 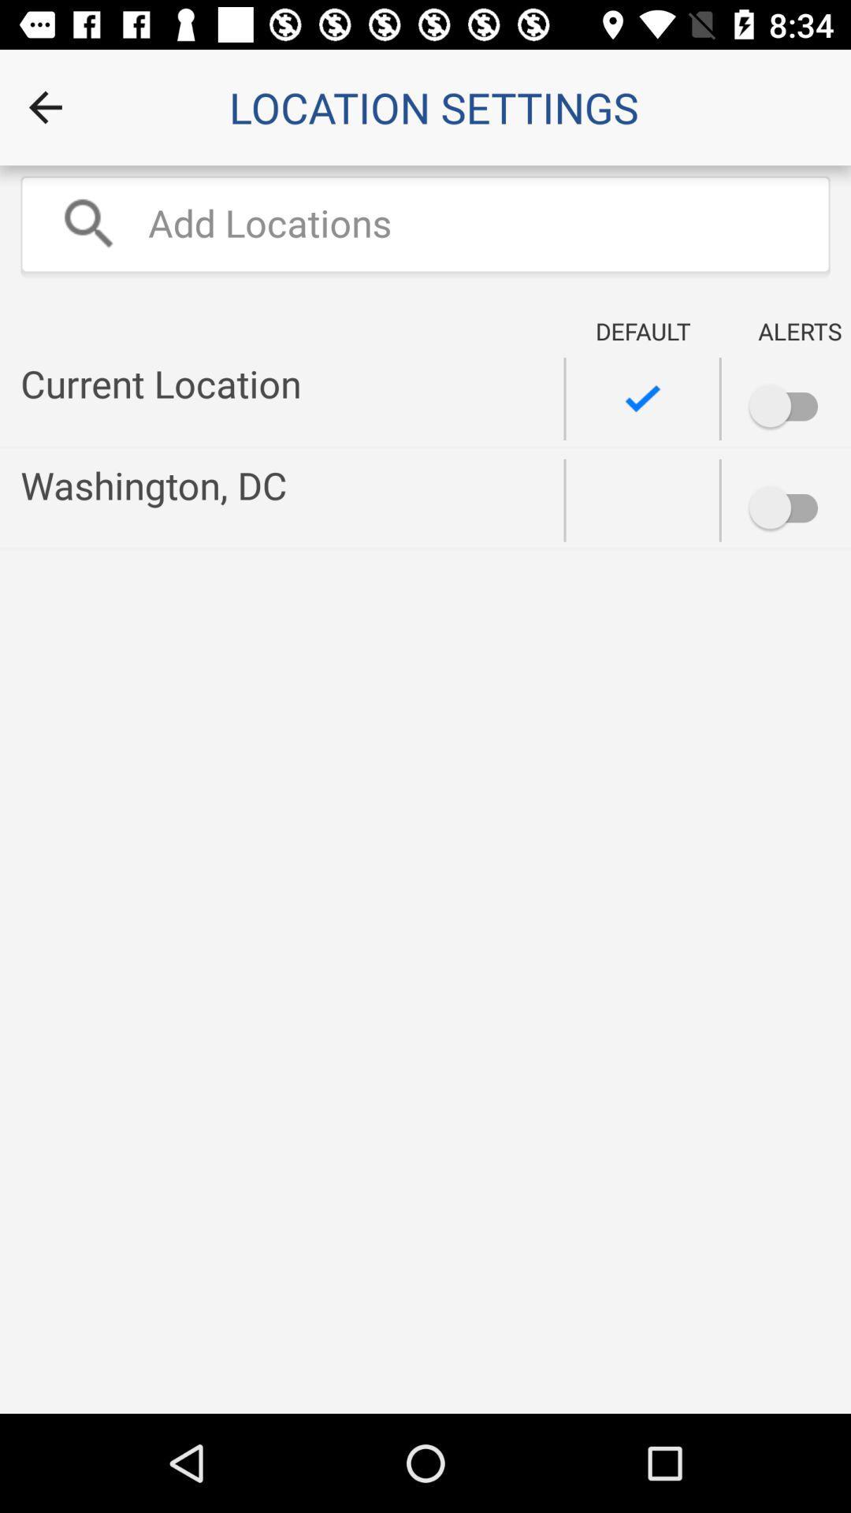 What do you see at coordinates (739, 396) in the screenshot?
I see `the first slide bar icon` at bounding box center [739, 396].